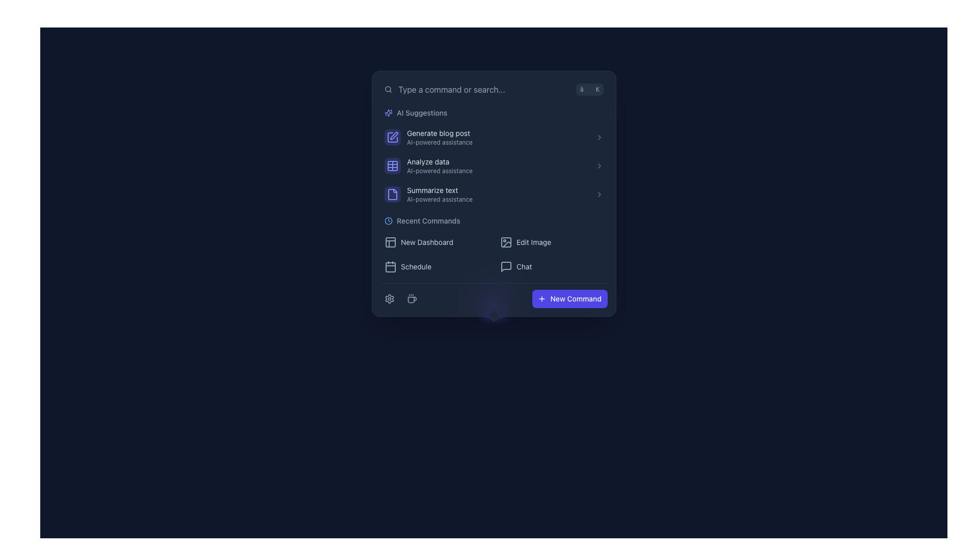 This screenshot has width=978, height=550. I want to click on the background element of the image-related icon located in the top-left corner of the graphic, so click(506, 242).